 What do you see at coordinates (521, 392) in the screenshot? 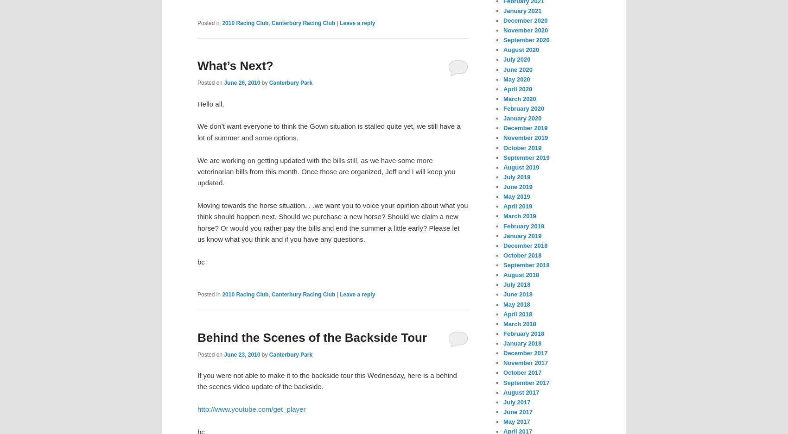
I see `'August 2017'` at bounding box center [521, 392].